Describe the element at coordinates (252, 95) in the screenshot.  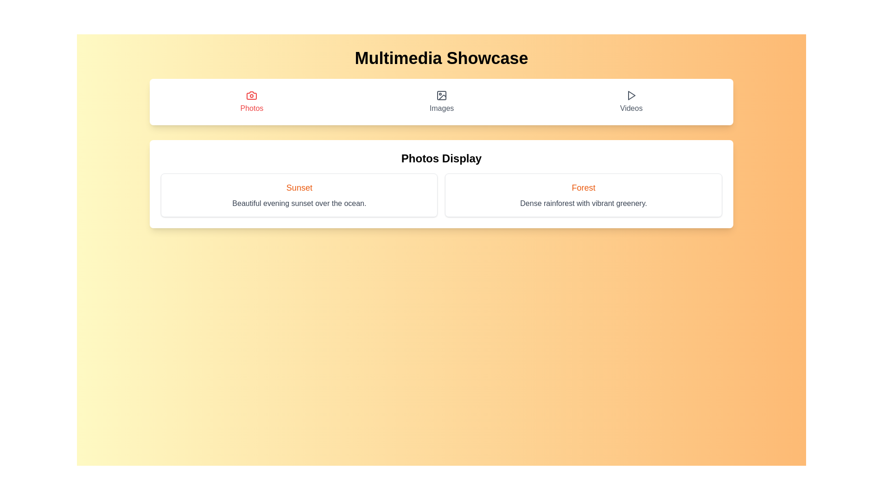
I see `the red-styled camera icon located above the 'Photos' label, which is centered within the first button of three elements labeled 'Photos', 'Images', and 'Videos'` at that location.